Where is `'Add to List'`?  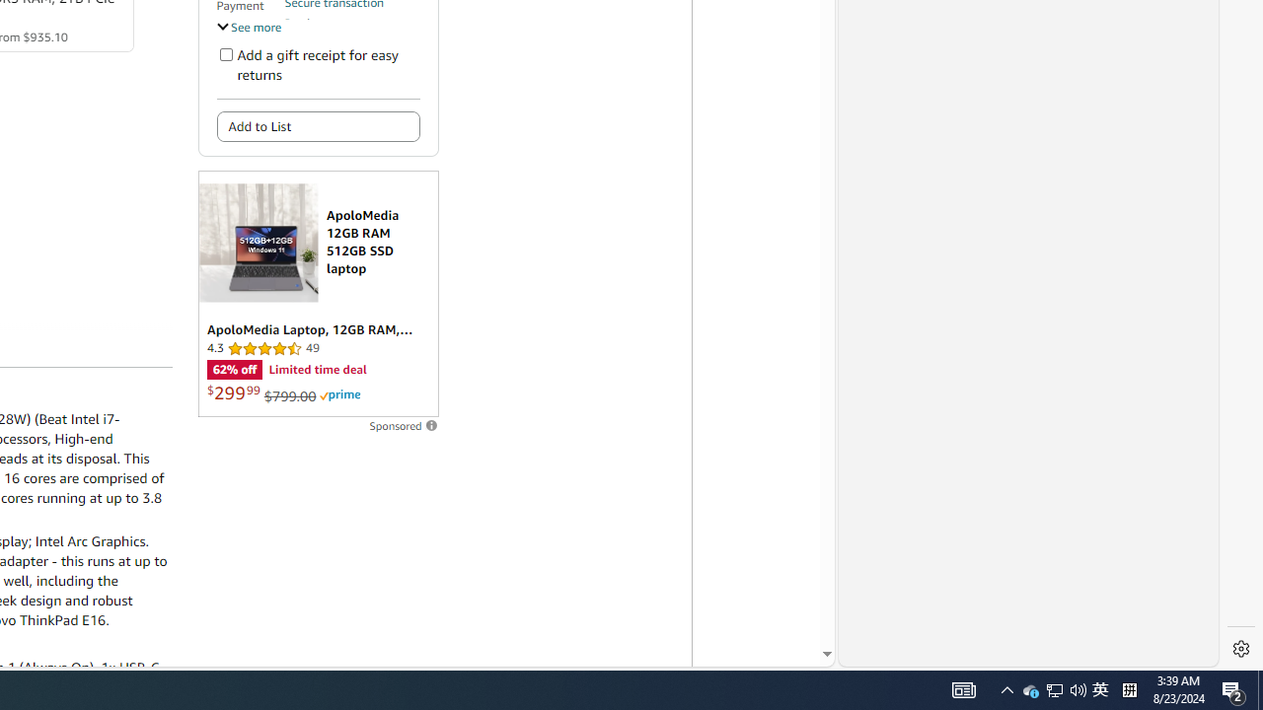
'Add to List' is located at coordinates (318, 126).